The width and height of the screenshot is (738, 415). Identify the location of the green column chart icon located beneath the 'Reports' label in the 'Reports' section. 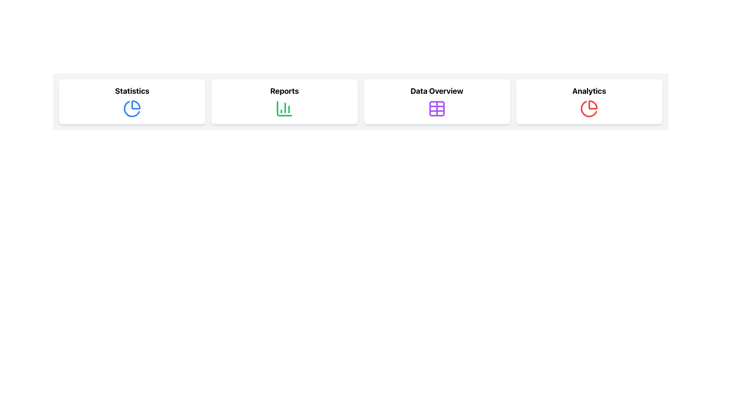
(284, 108).